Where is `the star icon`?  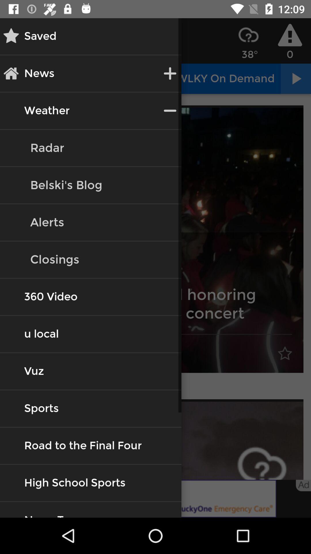
the star icon is located at coordinates (21, 39).